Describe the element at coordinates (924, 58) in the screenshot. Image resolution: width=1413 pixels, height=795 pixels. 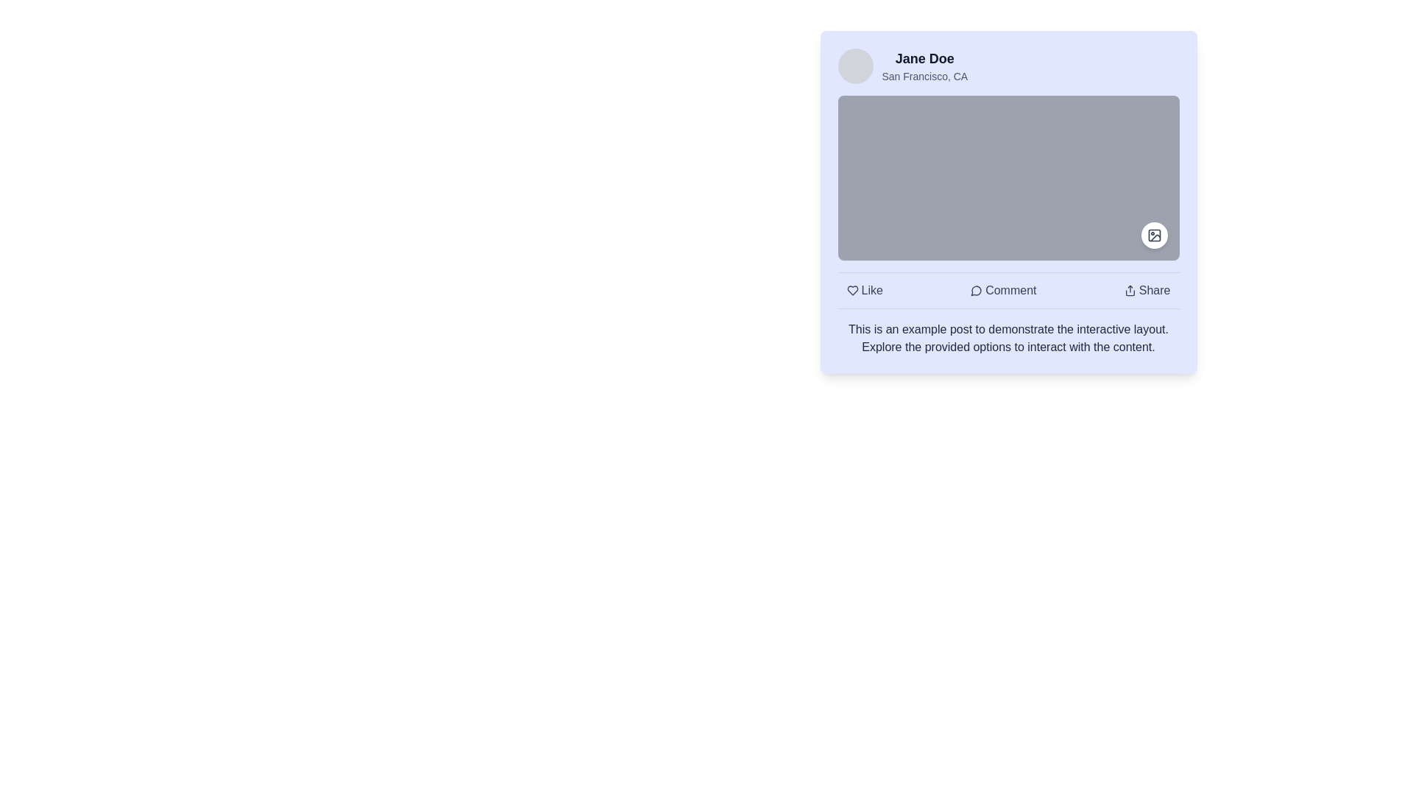
I see `the static text label displaying 'Jane Doe', which is styled in bold, large, dark gray font and positioned at the top of a card-like section` at that location.